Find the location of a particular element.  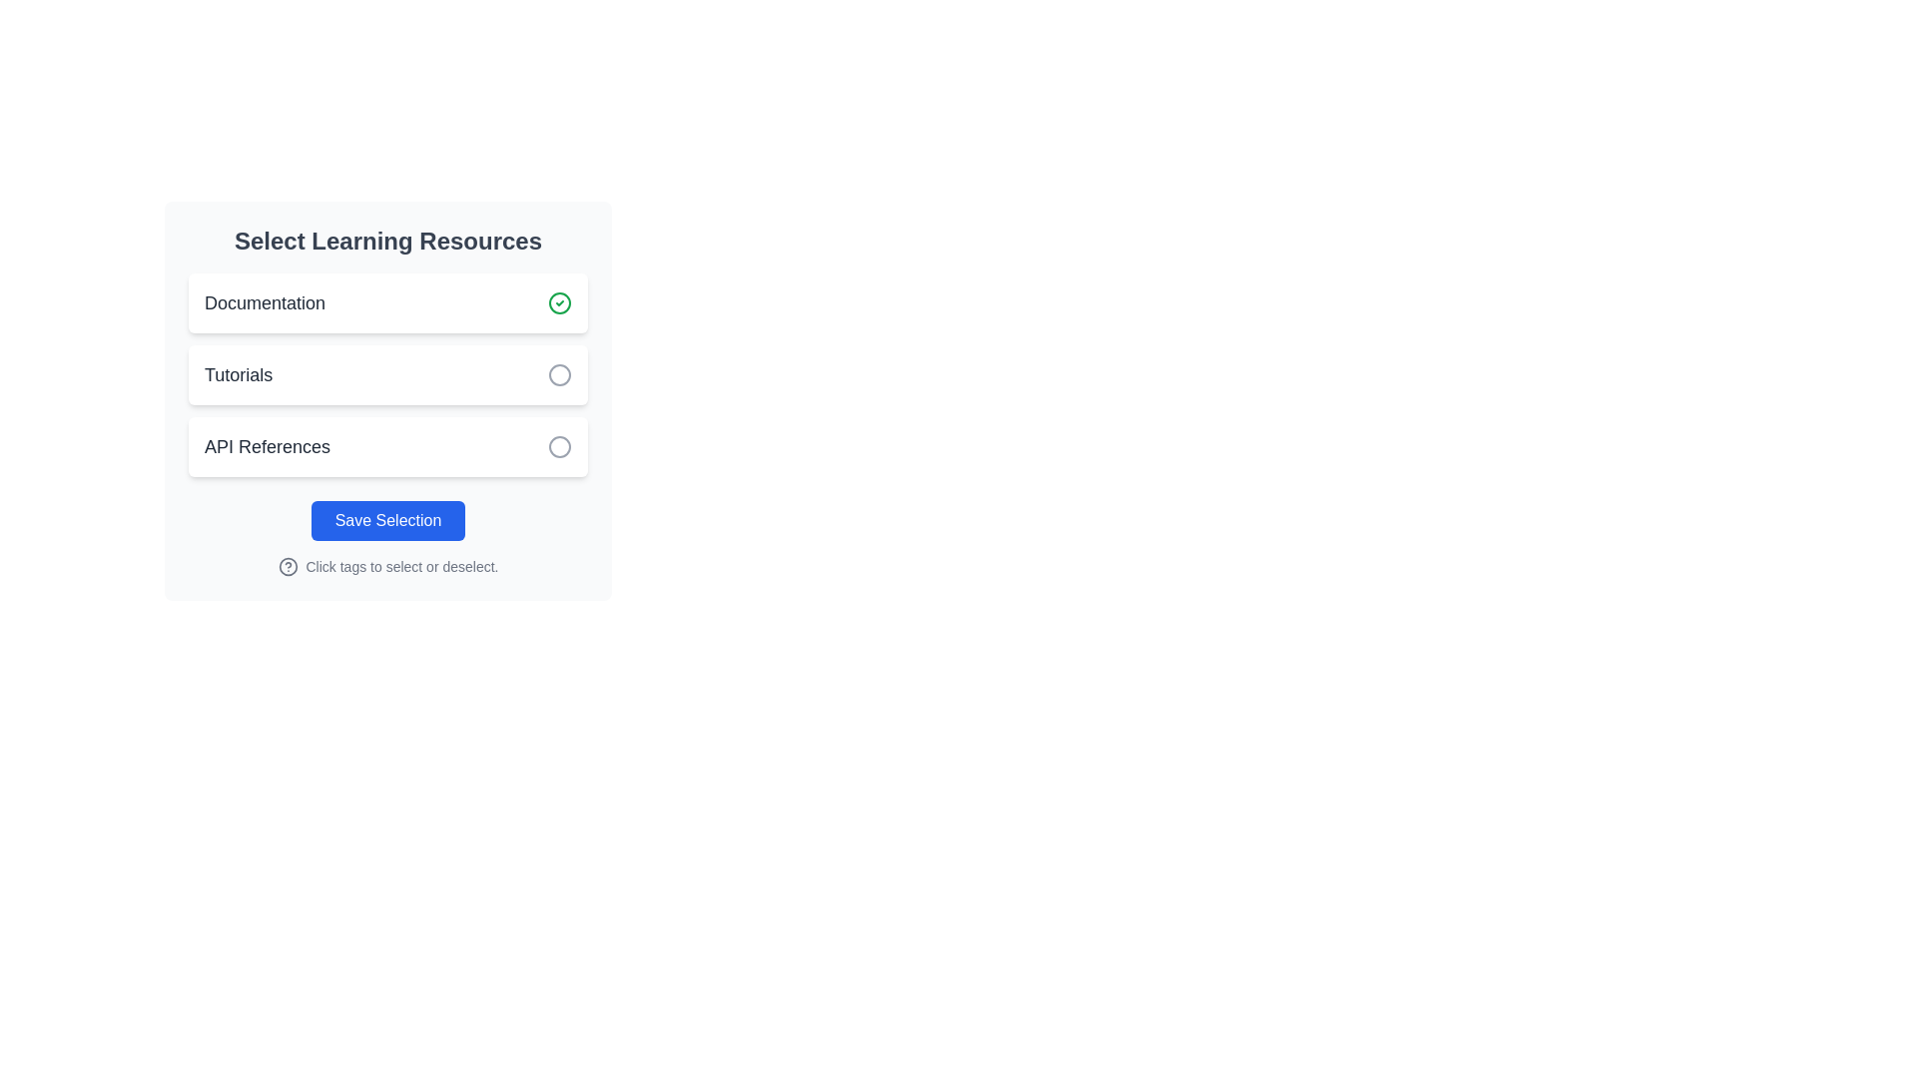

the Header text element that serves as the title for the card, located at the top of the card layout is located at coordinates (387, 241).